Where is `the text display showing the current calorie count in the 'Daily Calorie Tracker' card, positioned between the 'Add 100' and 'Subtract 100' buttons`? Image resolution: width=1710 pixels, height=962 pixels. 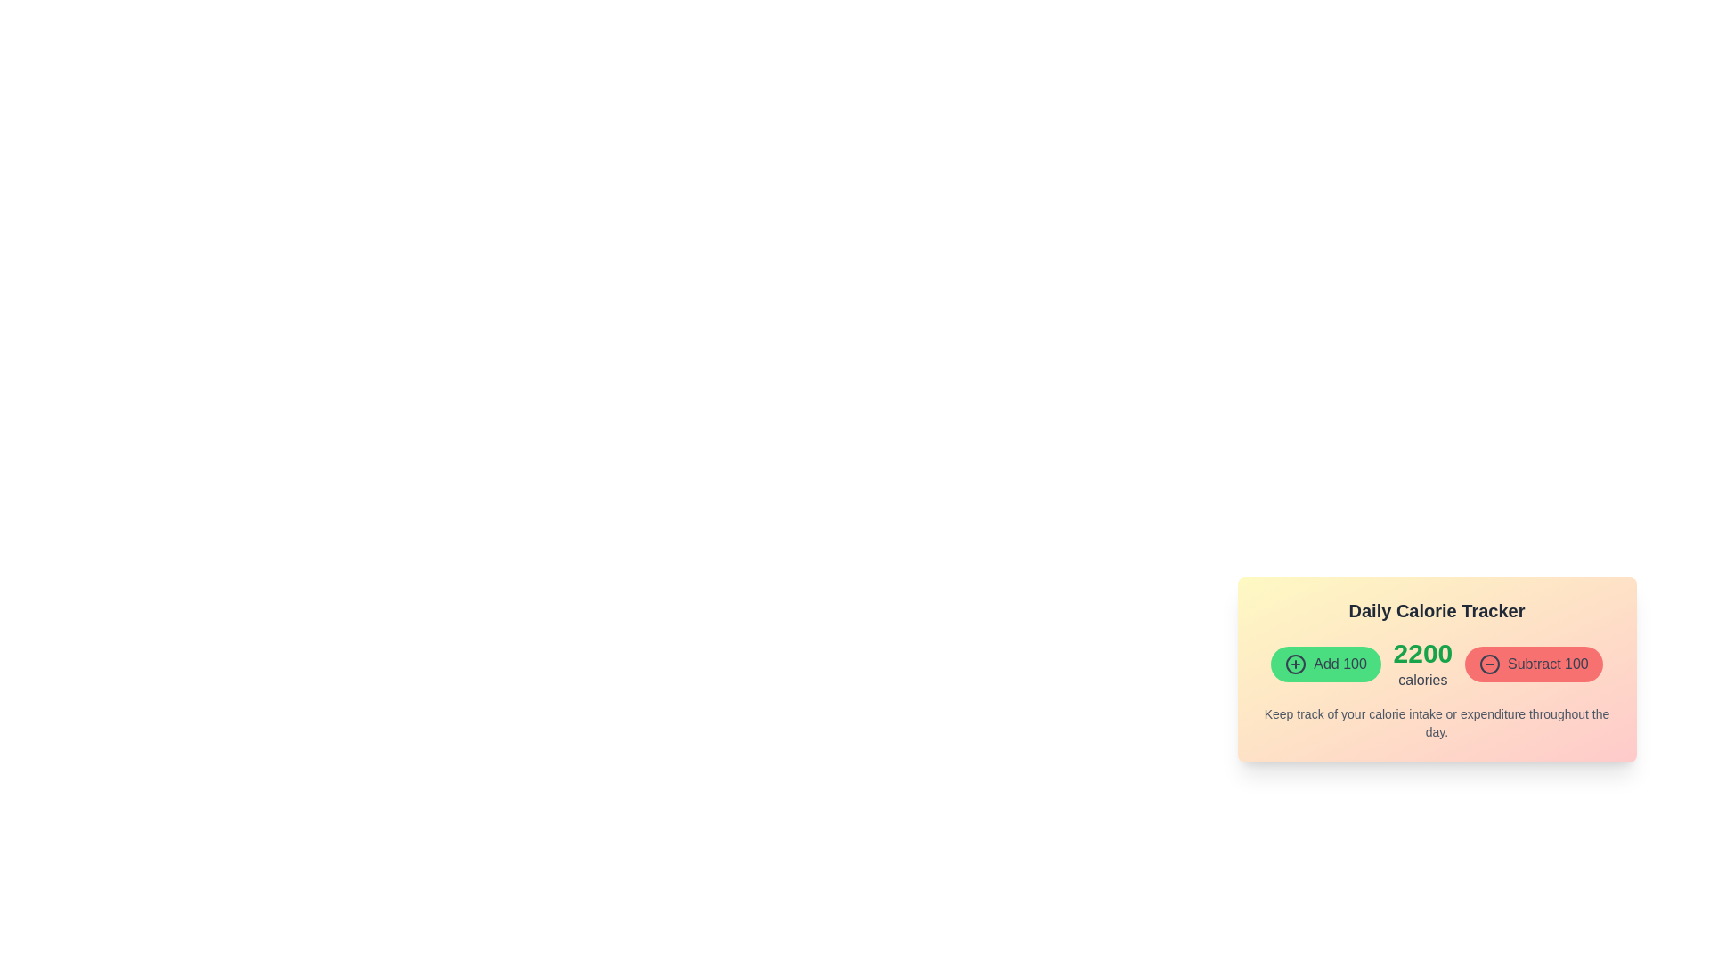 the text display showing the current calorie count in the 'Daily Calorie Tracker' card, positioned between the 'Add 100' and 'Subtract 100' buttons is located at coordinates (1422, 653).